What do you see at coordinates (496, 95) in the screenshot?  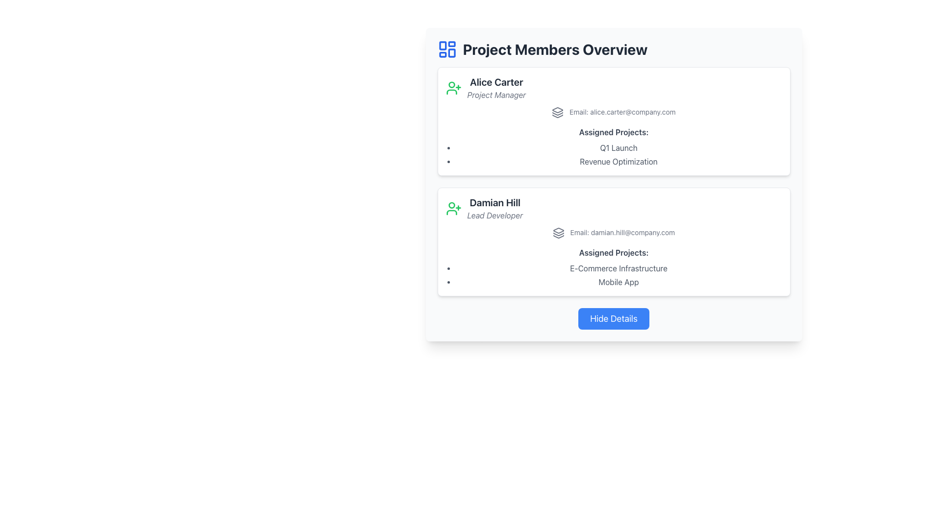 I see `the text element displaying 'Project Manager' which is located below 'Alice Carter' in the information card about Alice Carter` at bounding box center [496, 95].